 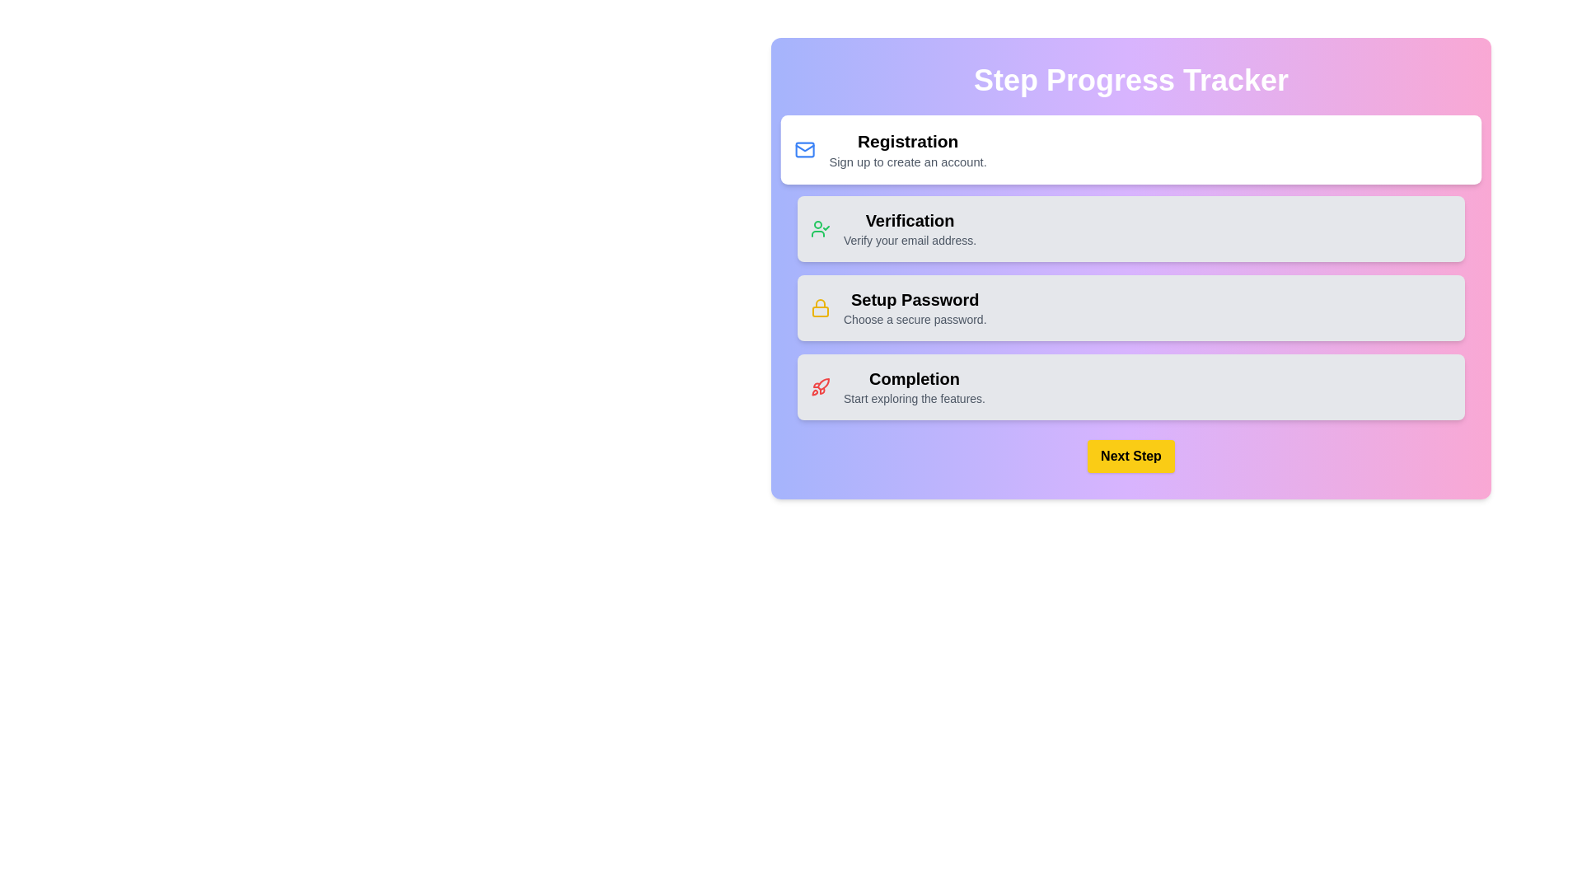 What do you see at coordinates (907, 140) in the screenshot?
I see `text of the 'Registration' header, which is styled in bold and larger font size, indicating high importance, located at the top of the step progress tracker` at bounding box center [907, 140].